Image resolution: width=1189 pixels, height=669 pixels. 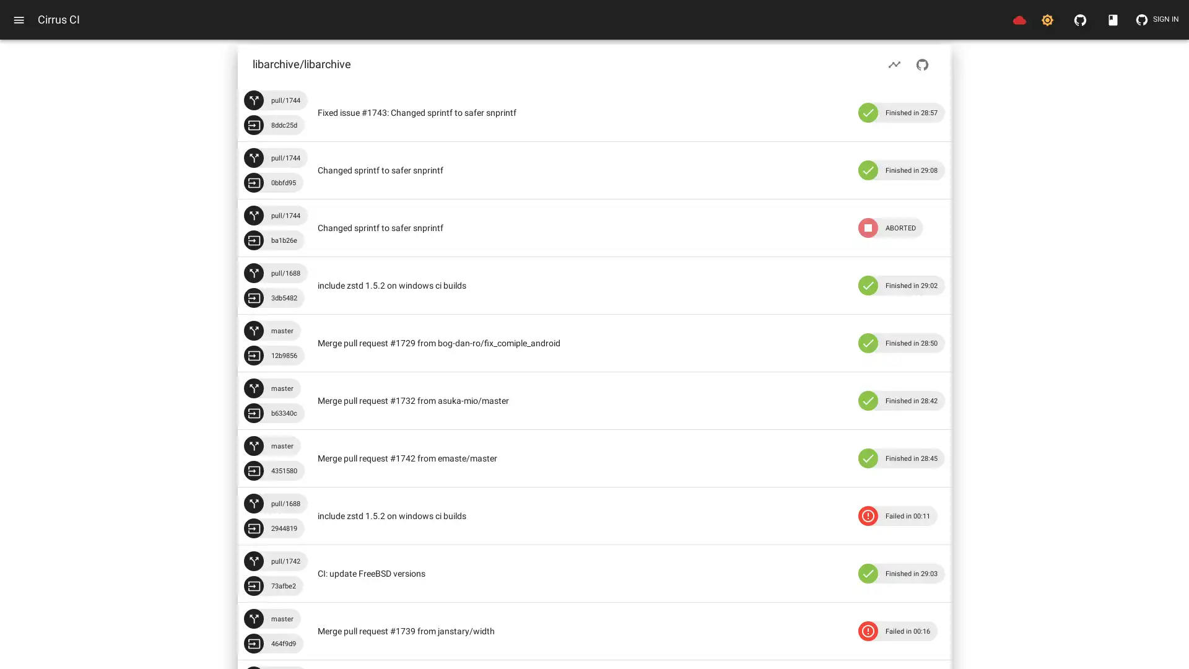 I want to click on open navigation, so click(x=19, y=19).